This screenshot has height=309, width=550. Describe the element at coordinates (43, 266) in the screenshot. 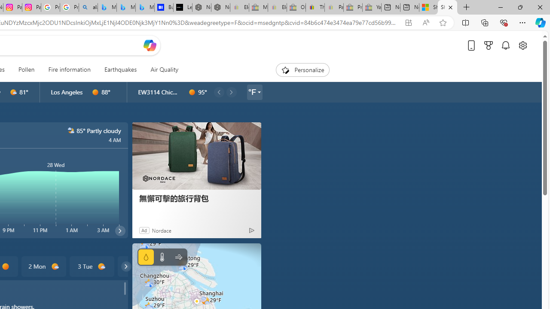

I see `'2 Mon d1000'` at that location.